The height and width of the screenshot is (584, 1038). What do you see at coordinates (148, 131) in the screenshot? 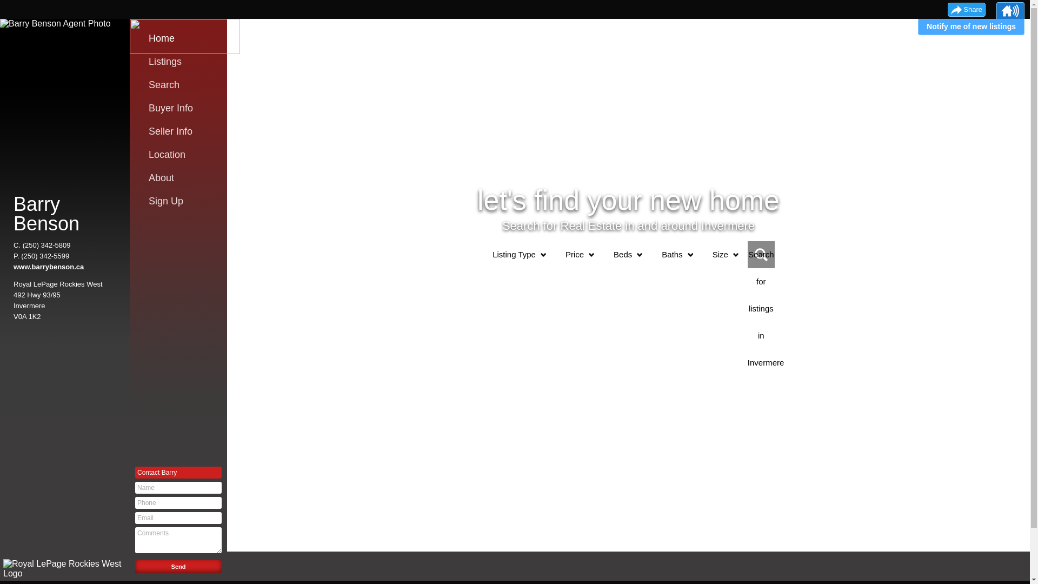
I see `'Seller Info'` at bounding box center [148, 131].